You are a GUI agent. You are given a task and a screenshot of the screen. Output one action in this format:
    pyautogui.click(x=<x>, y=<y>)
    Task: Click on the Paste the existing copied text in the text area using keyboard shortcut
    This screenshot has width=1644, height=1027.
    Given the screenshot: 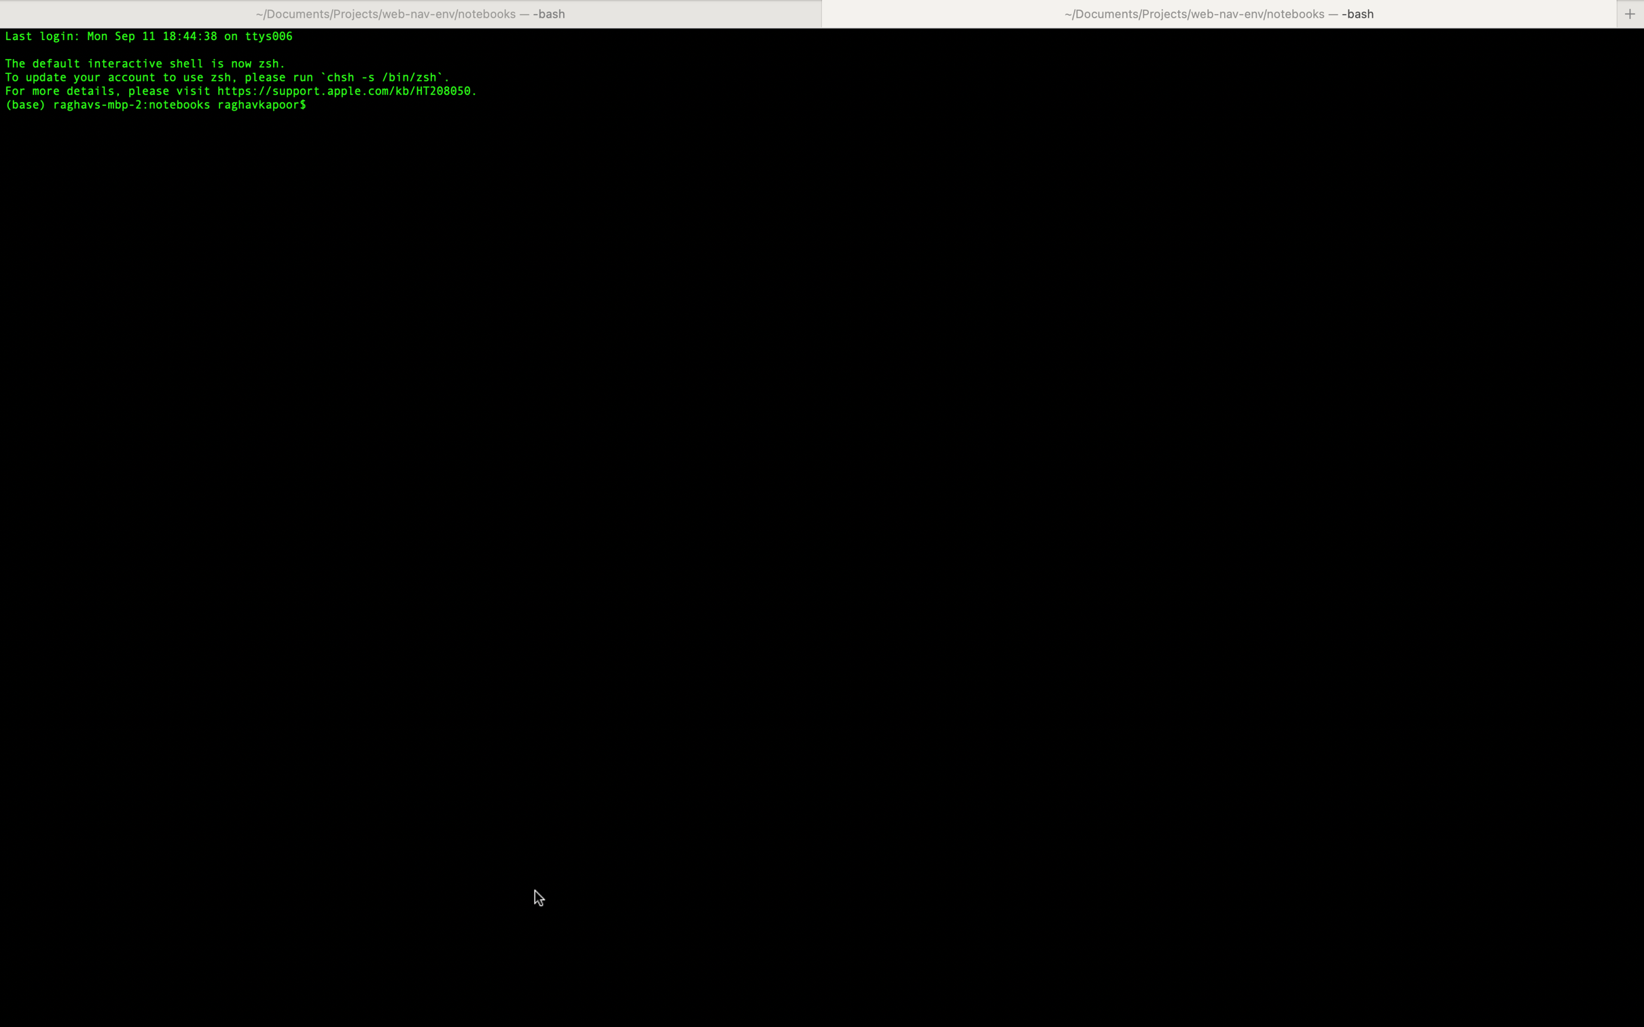 What is the action you would take?
    pyautogui.click(x=976, y=103)
    